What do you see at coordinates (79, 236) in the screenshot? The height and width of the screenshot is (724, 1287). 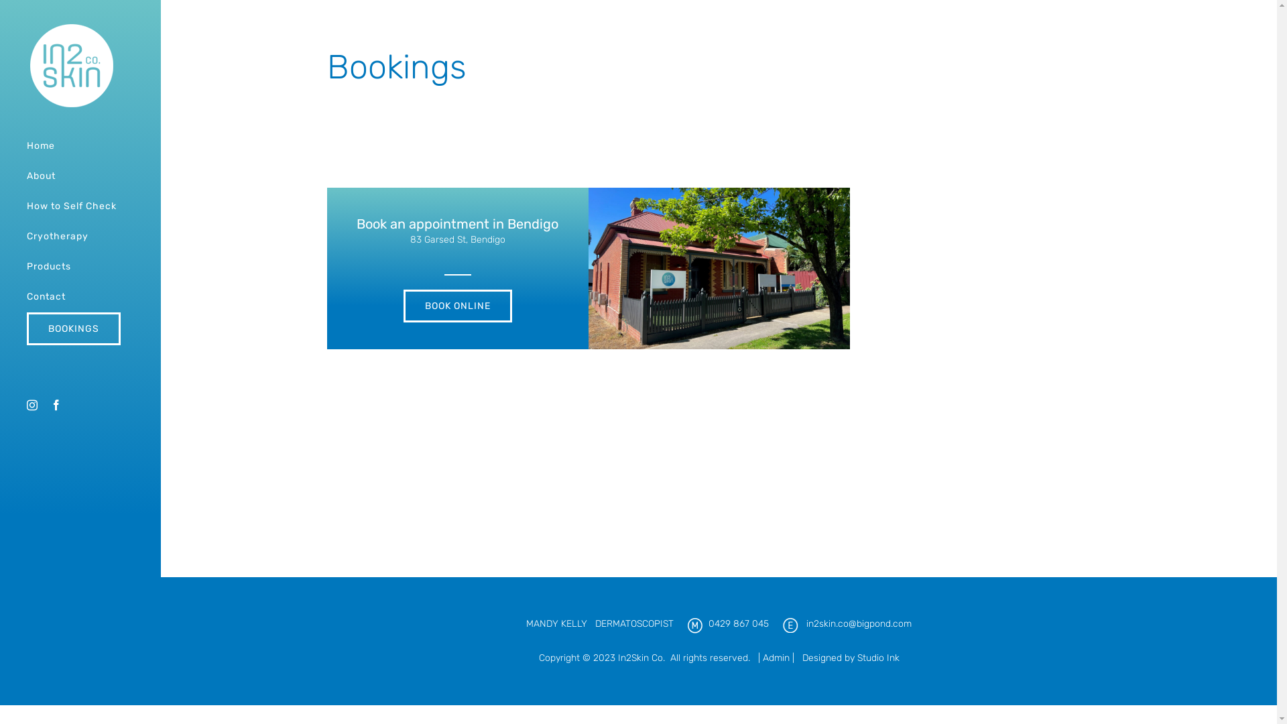 I see `'Cryotherapy'` at bounding box center [79, 236].